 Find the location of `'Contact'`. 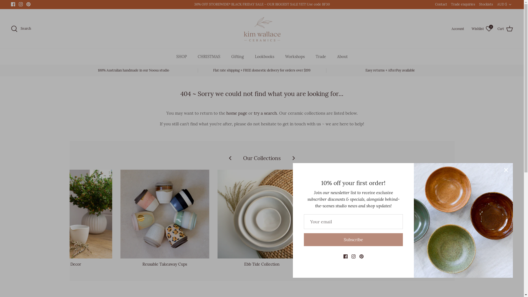

'Contact' is located at coordinates (441, 4).